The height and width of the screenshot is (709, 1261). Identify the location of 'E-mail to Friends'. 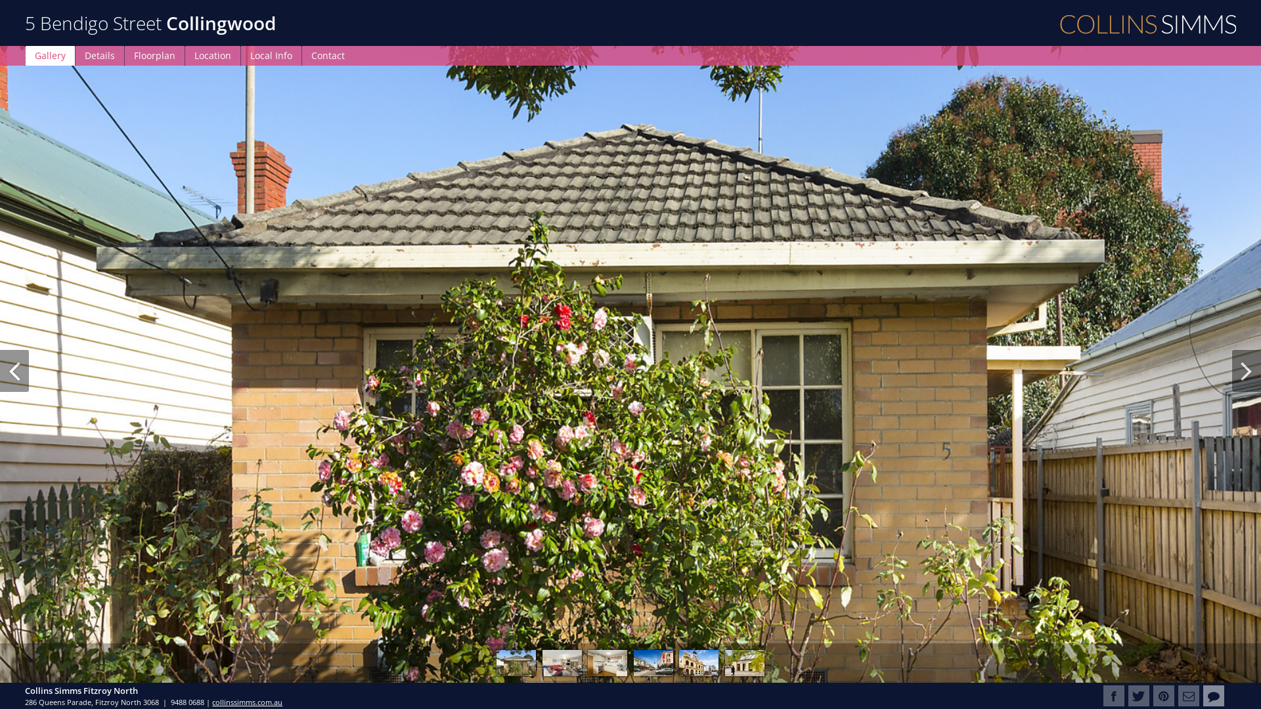
(1178, 695).